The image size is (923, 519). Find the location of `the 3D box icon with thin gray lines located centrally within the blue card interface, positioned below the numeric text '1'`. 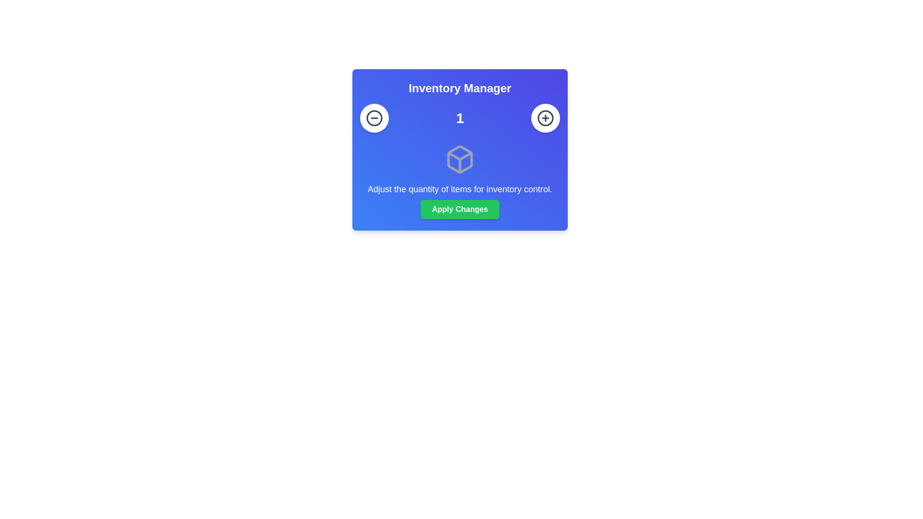

the 3D box icon with thin gray lines located centrally within the blue card interface, positioned below the numeric text '1' is located at coordinates (459, 159).